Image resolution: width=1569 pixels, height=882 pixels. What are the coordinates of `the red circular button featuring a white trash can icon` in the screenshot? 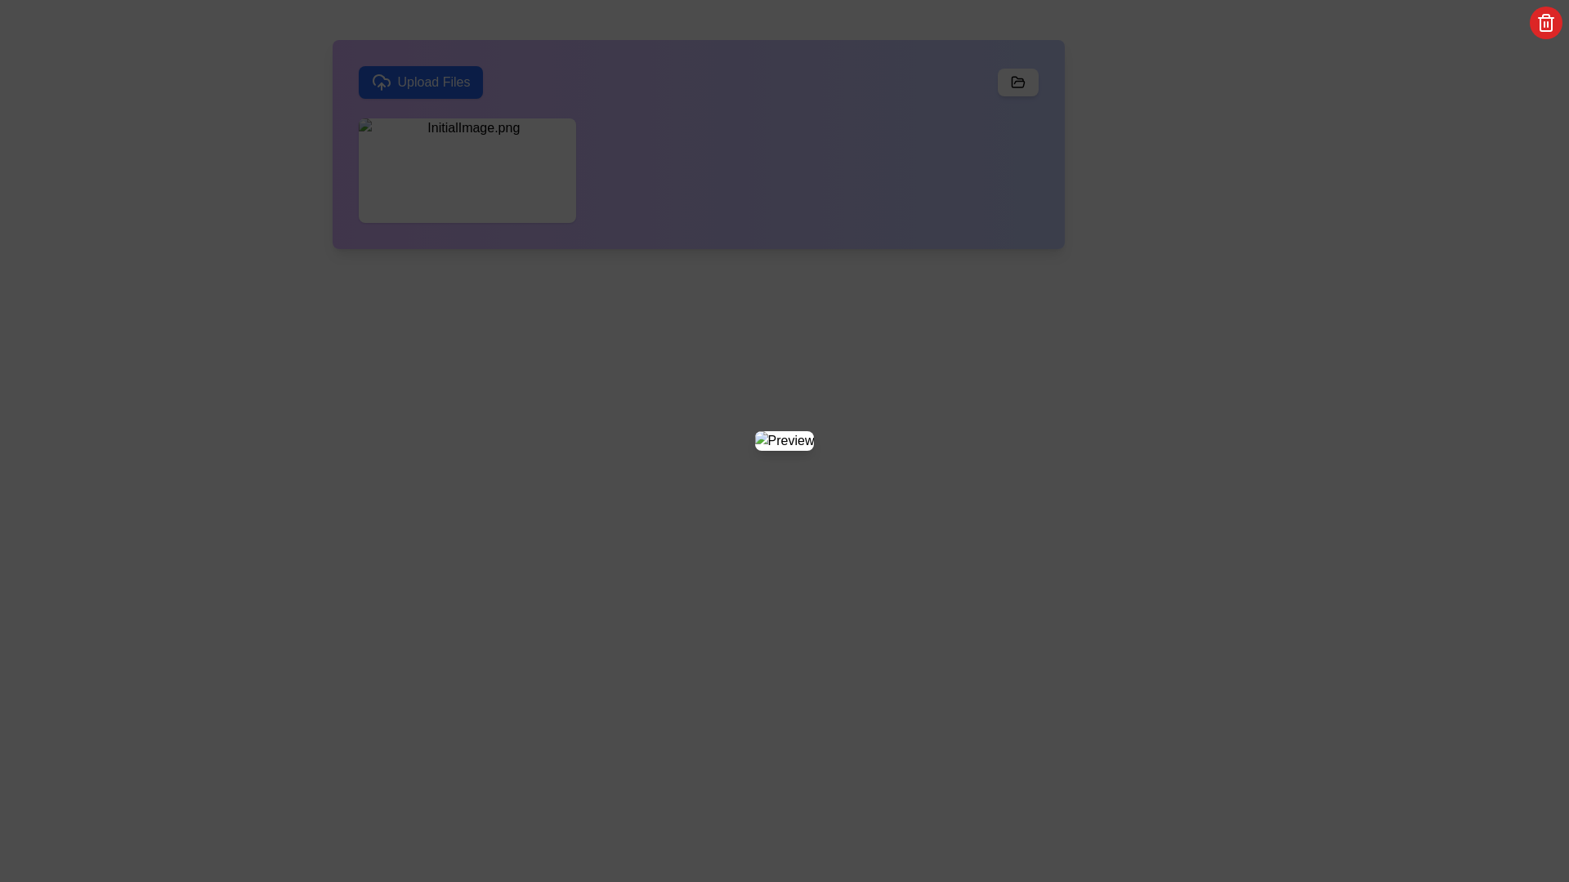 It's located at (1544, 22).